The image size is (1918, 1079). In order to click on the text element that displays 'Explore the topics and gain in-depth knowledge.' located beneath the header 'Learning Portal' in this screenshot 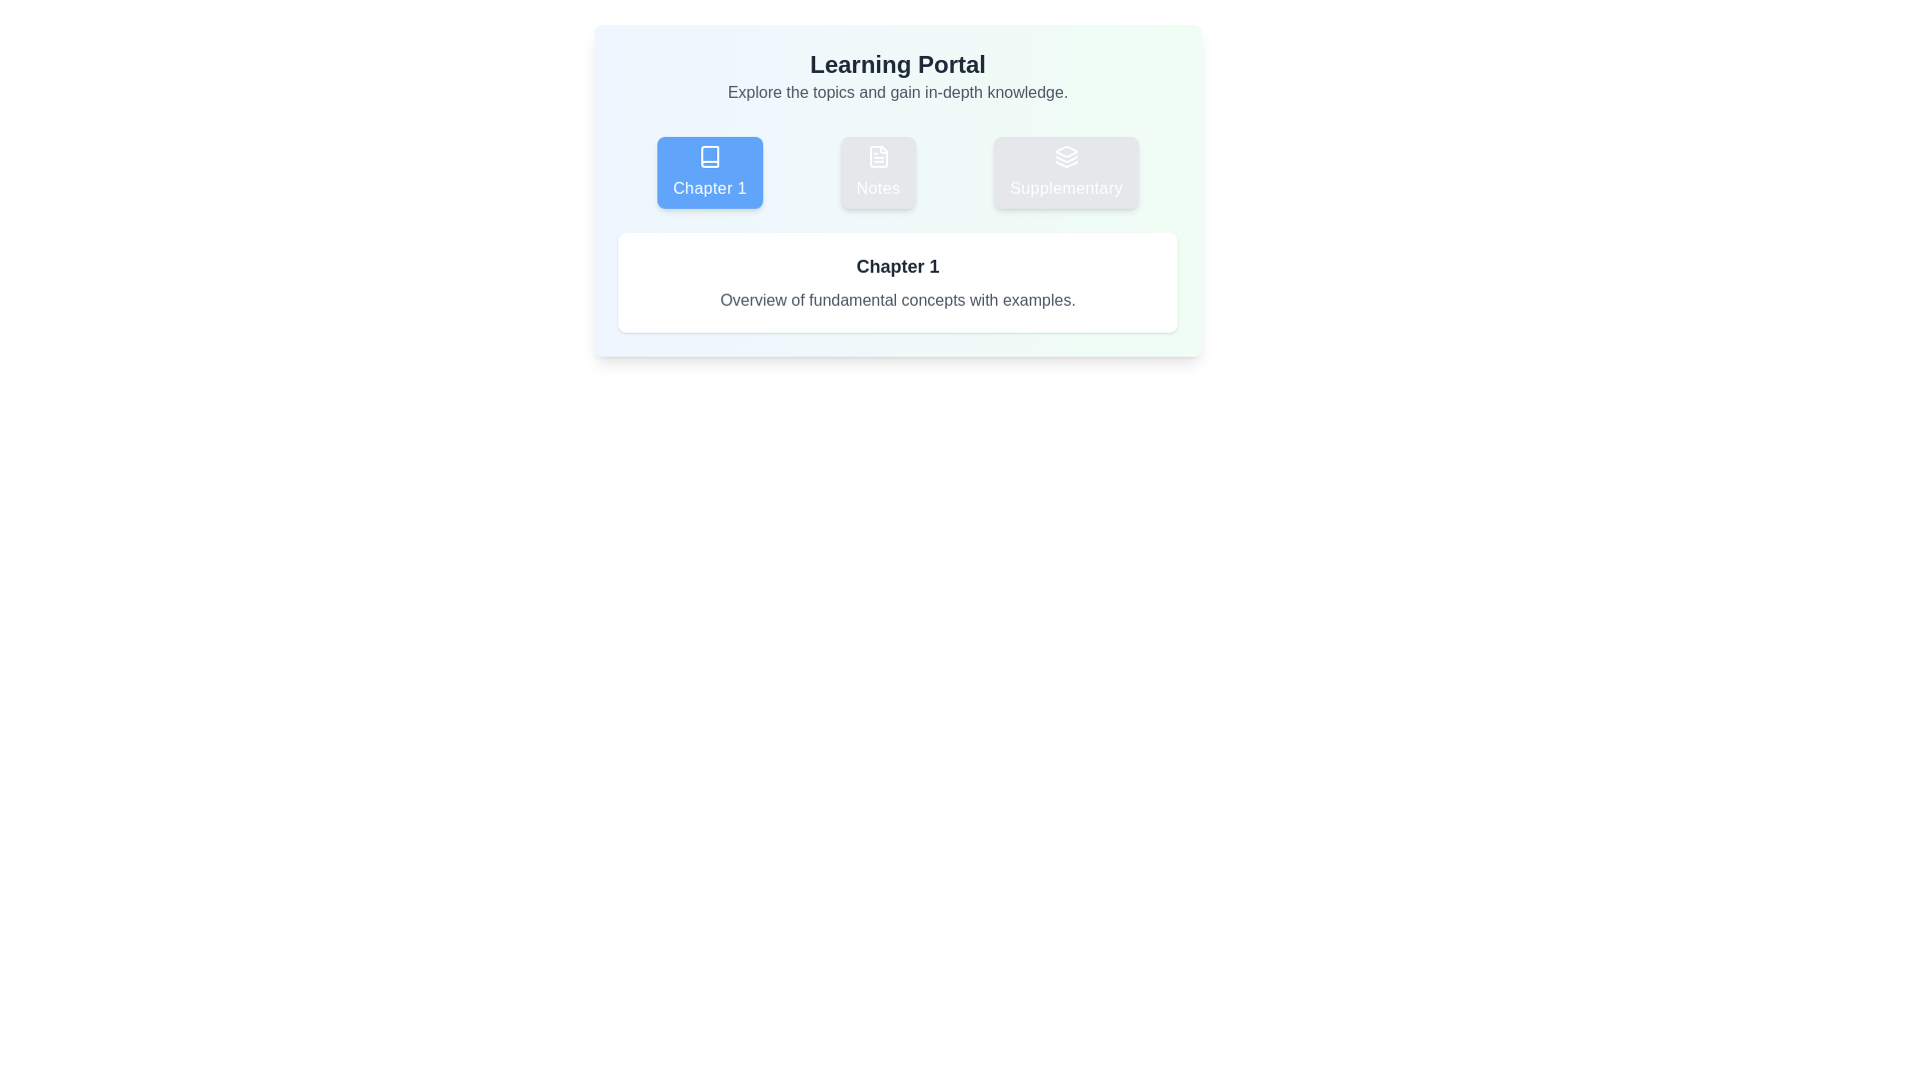, I will do `click(896, 92)`.